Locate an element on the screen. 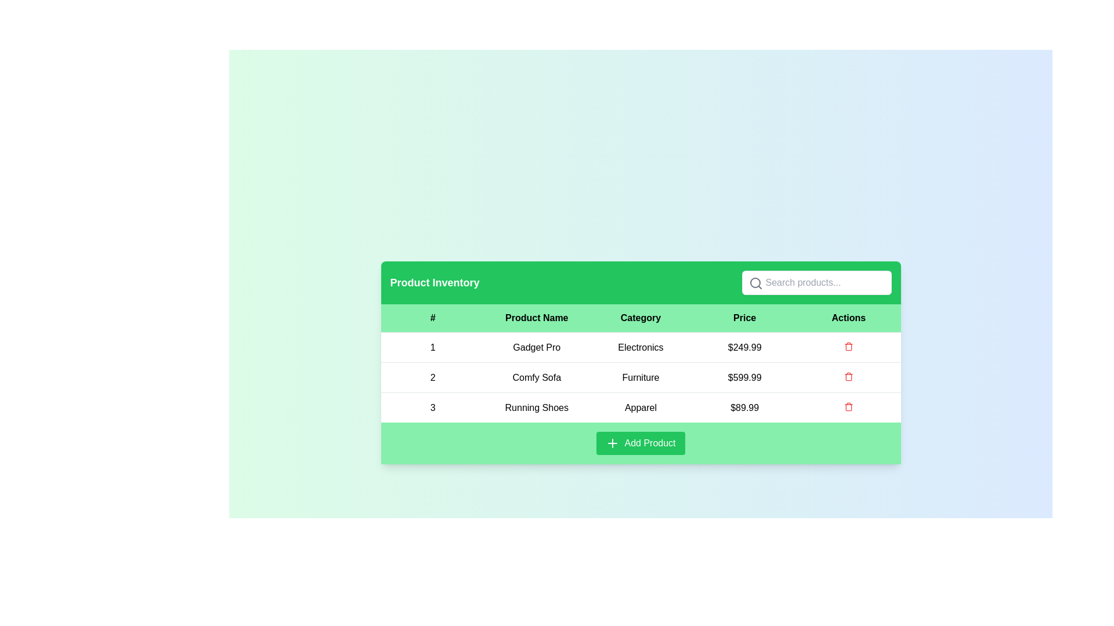 This screenshot has width=1114, height=626. the green button labeled 'Add Product' with a white '+' icon is located at coordinates (640, 443).